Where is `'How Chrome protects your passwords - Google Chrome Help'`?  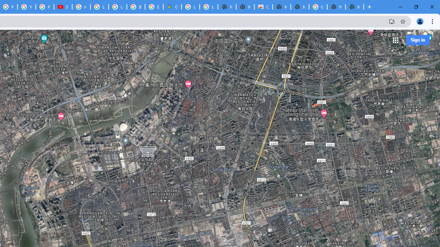 'How Chrome protects your passwords - Google Chrome Help' is located at coordinates (81, 7).